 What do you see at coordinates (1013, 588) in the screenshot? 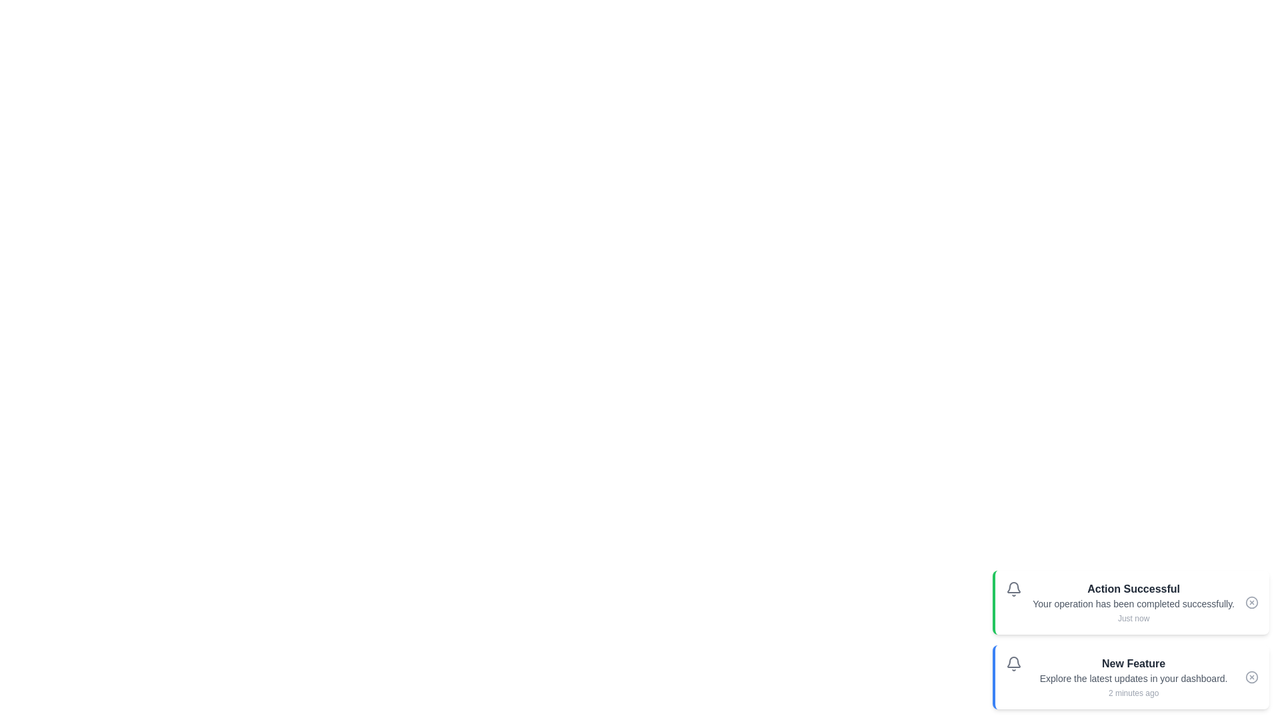
I see `the bell-shaped icon located to the left of the 'Action Successful' notification text` at bounding box center [1013, 588].